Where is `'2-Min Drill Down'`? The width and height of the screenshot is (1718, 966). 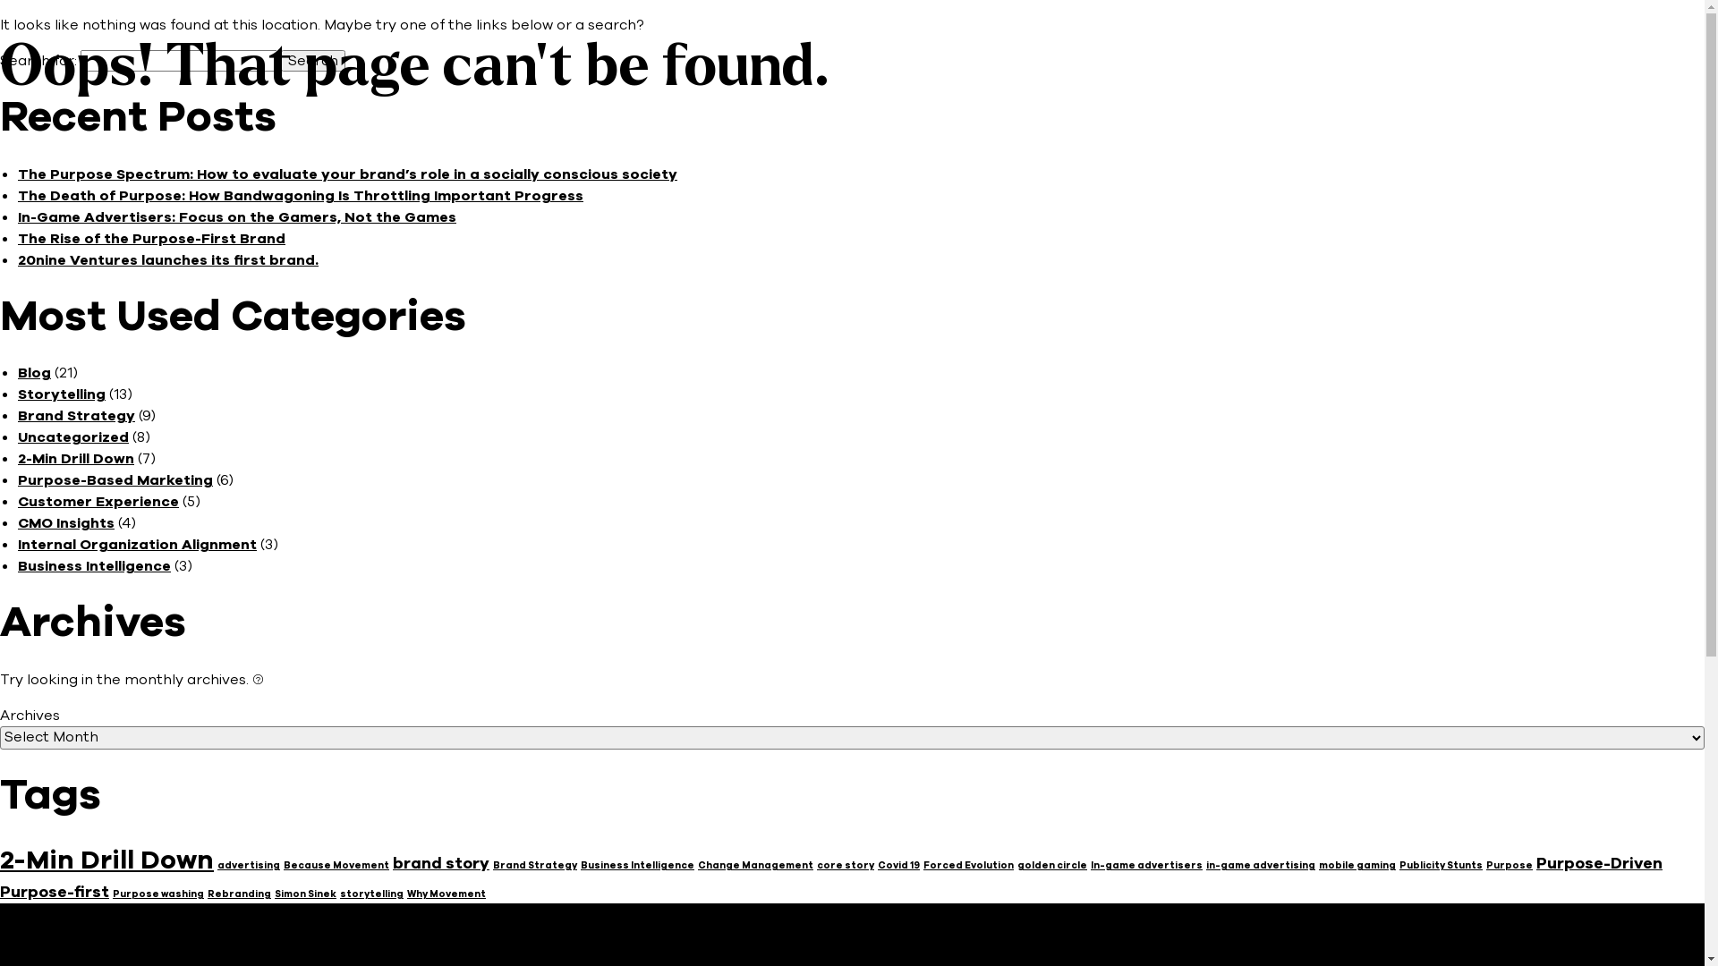 '2-Min Drill Down' is located at coordinates (75, 458).